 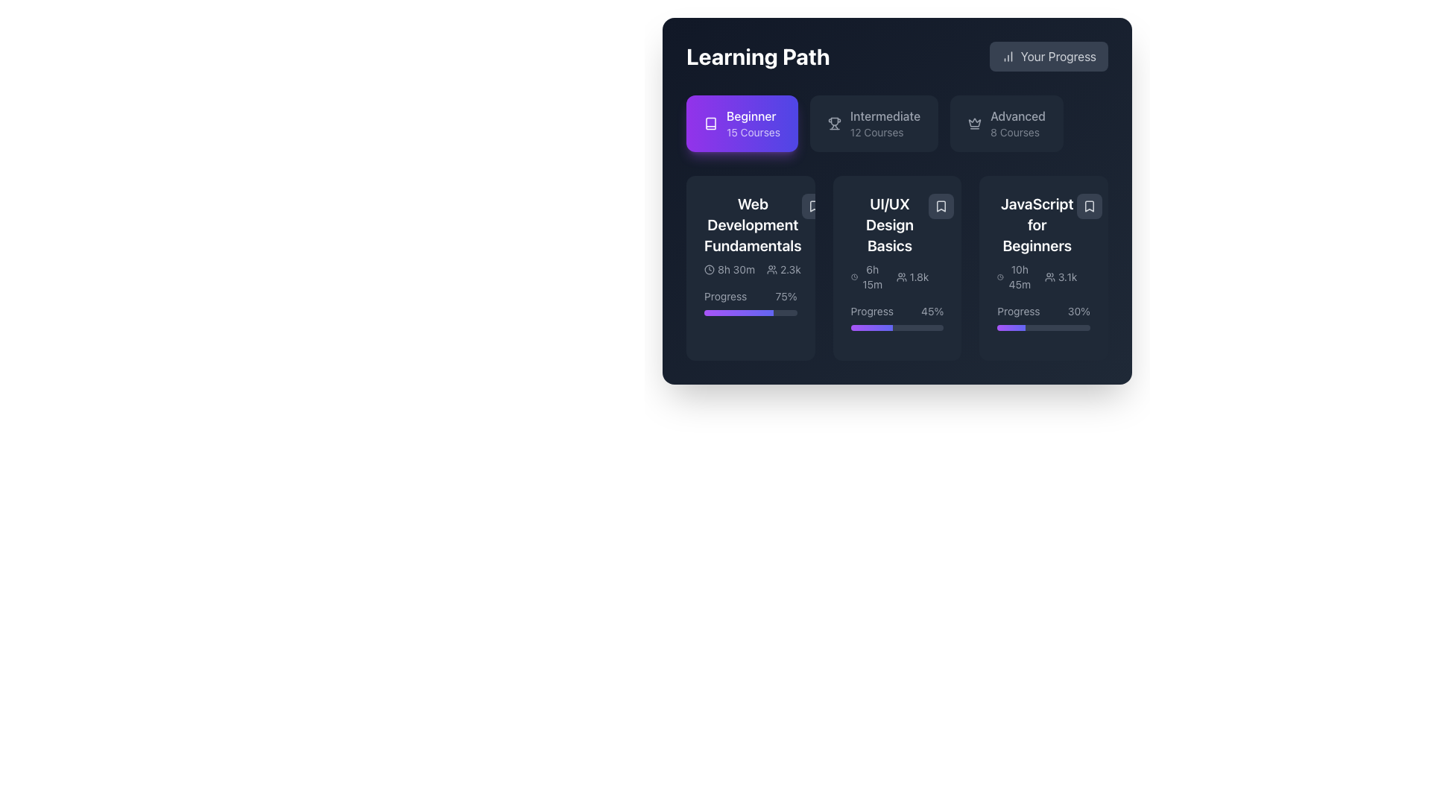 What do you see at coordinates (1090, 206) in the screenshot?
I see `the bookmark icon located in the bottom-right corner of the 'JavaScript for Beginners' card, positioned above the 'Progress 30%' bar` at bounding box center [1090, 206].